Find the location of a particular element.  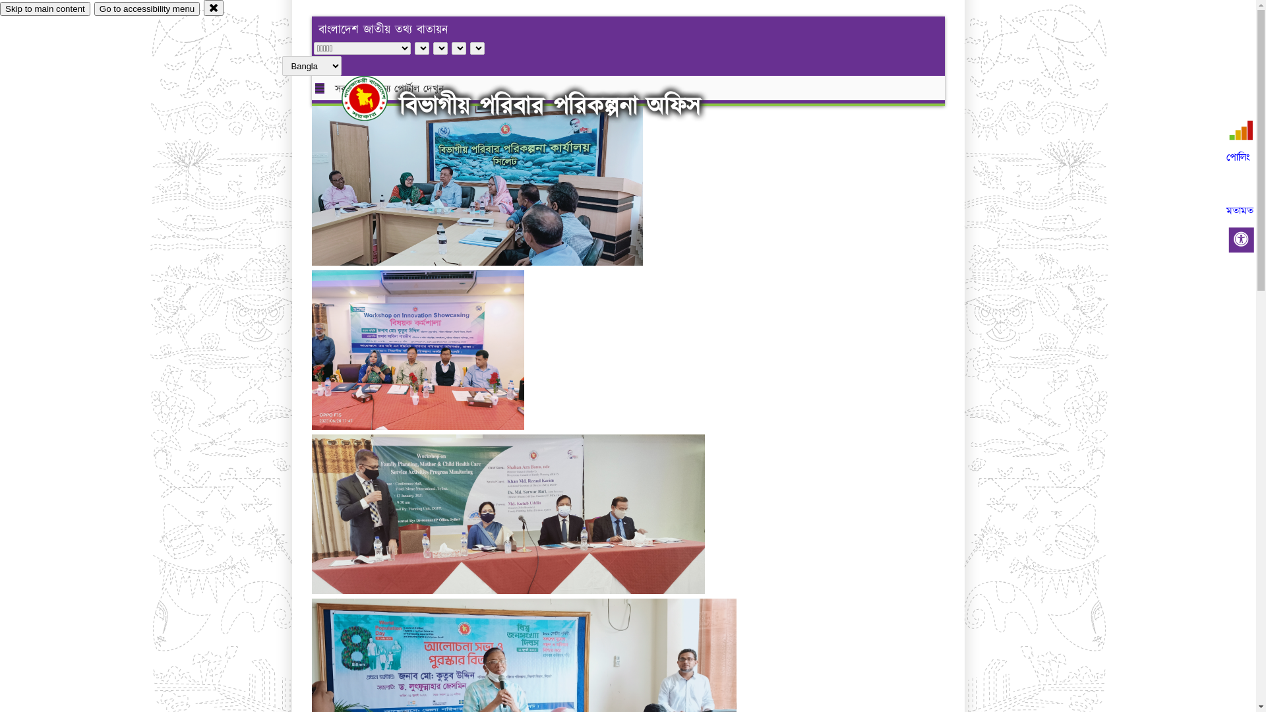

'Go to accessibility menu' is located at coordinates (146, 9).